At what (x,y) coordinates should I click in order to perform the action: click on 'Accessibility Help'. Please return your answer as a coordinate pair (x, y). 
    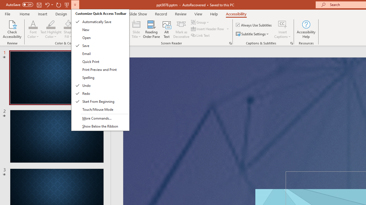
    Looking at the image, I should click on (306, 29).